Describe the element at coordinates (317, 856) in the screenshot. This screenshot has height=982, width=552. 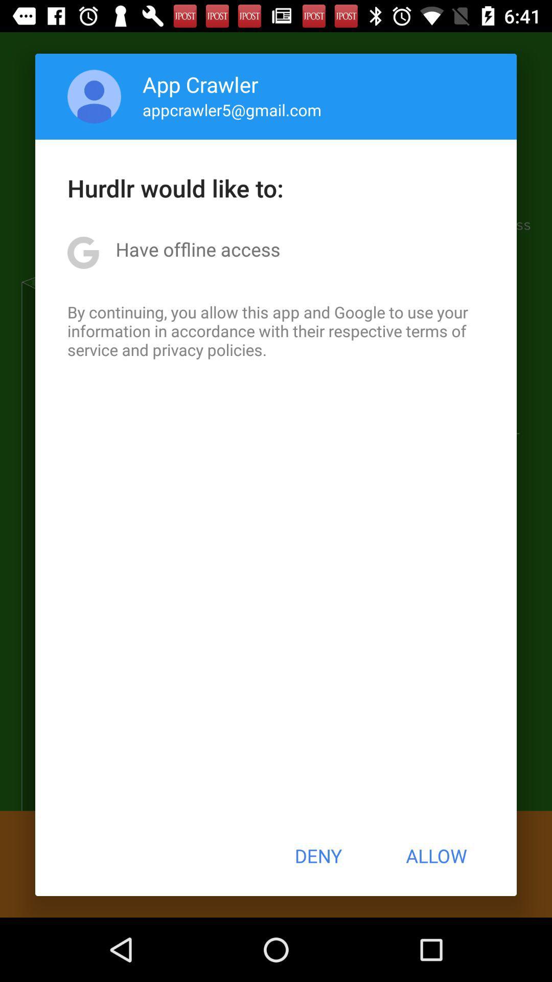
I see `the deny` at that location.